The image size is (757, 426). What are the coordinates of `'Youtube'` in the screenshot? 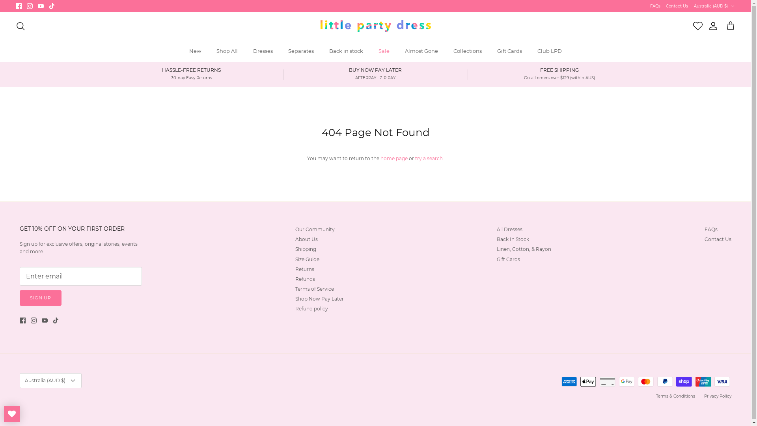 It's located at (37, 6).